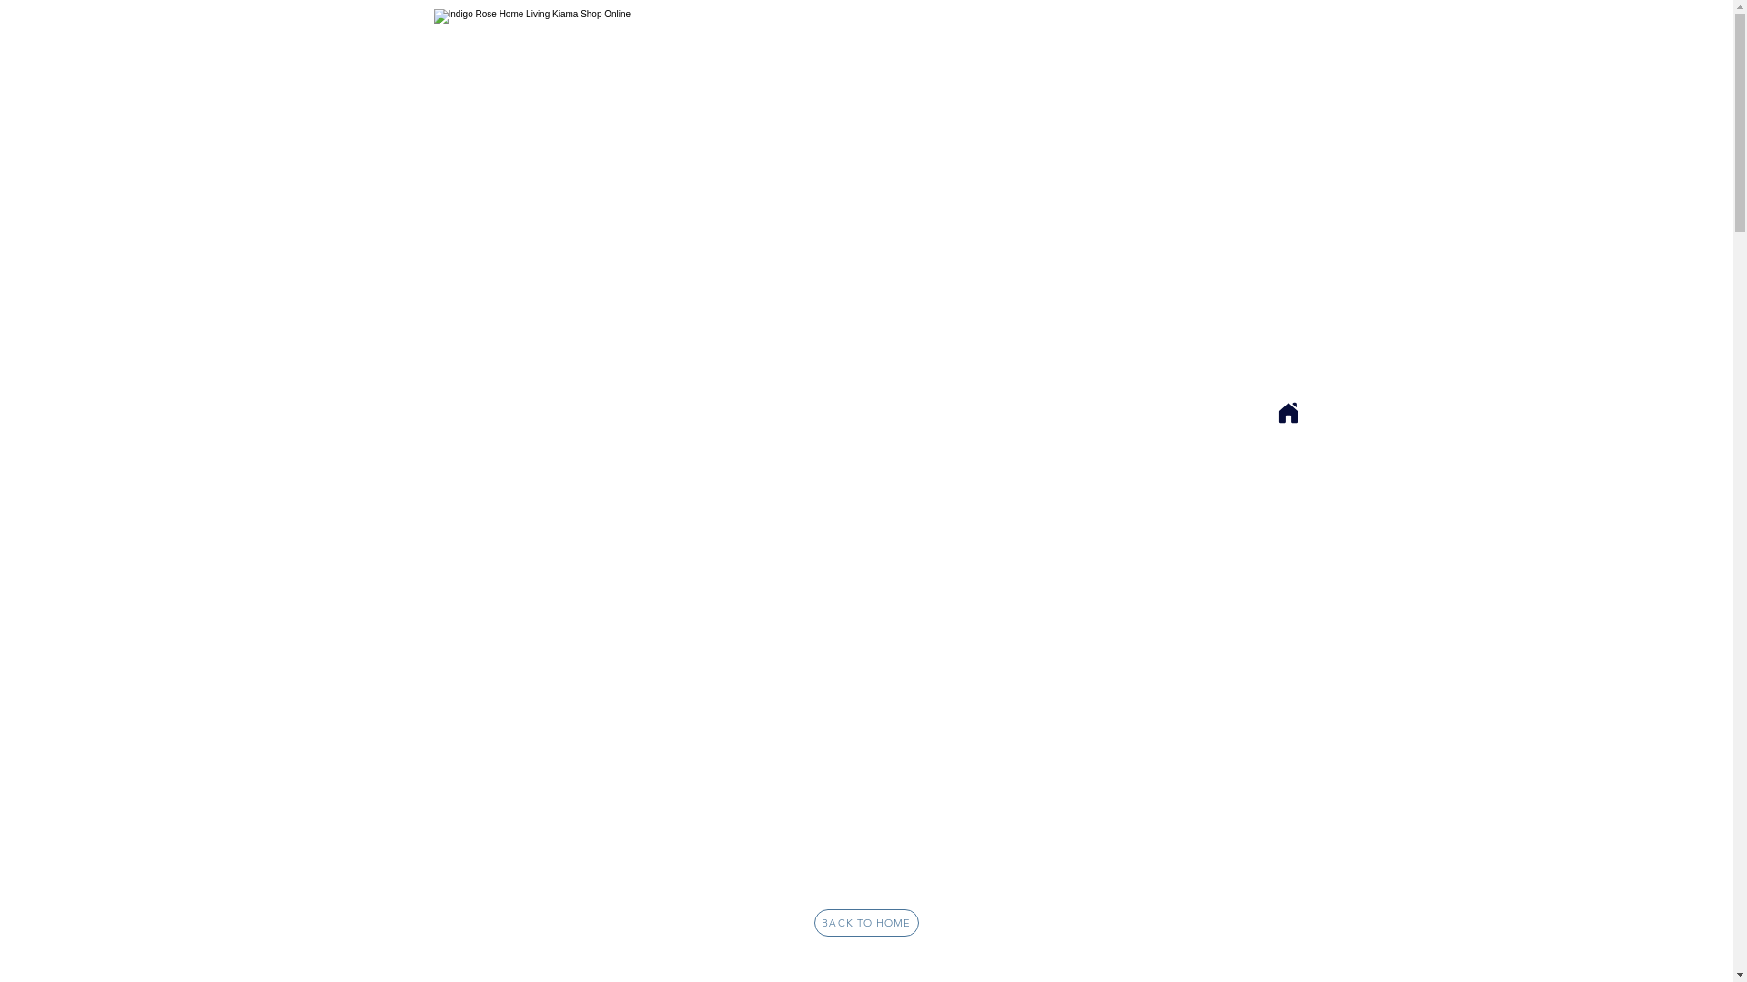  Describe the element at coordinates (865, 922) in the screenshot. I see `'BACK TO HOME'` at that location.